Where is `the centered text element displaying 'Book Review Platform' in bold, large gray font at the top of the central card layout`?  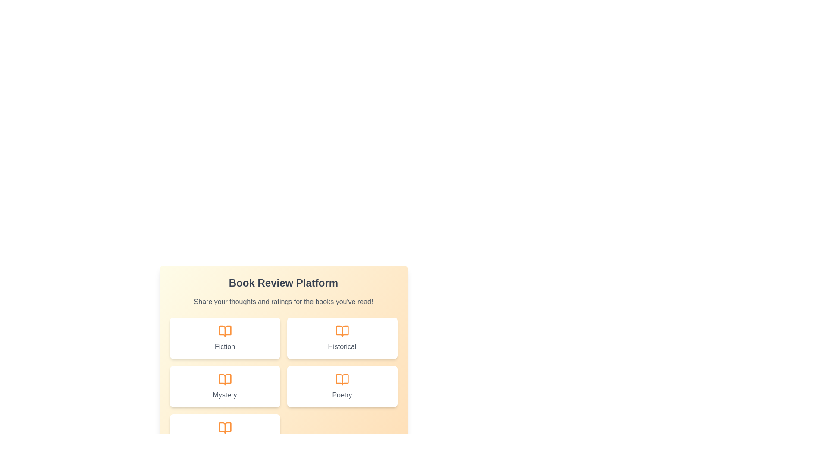
the centered text element displaying 'Book Review Platform' in bold, large gray font at the top of the central card layout is located at coordinates (283, 283).